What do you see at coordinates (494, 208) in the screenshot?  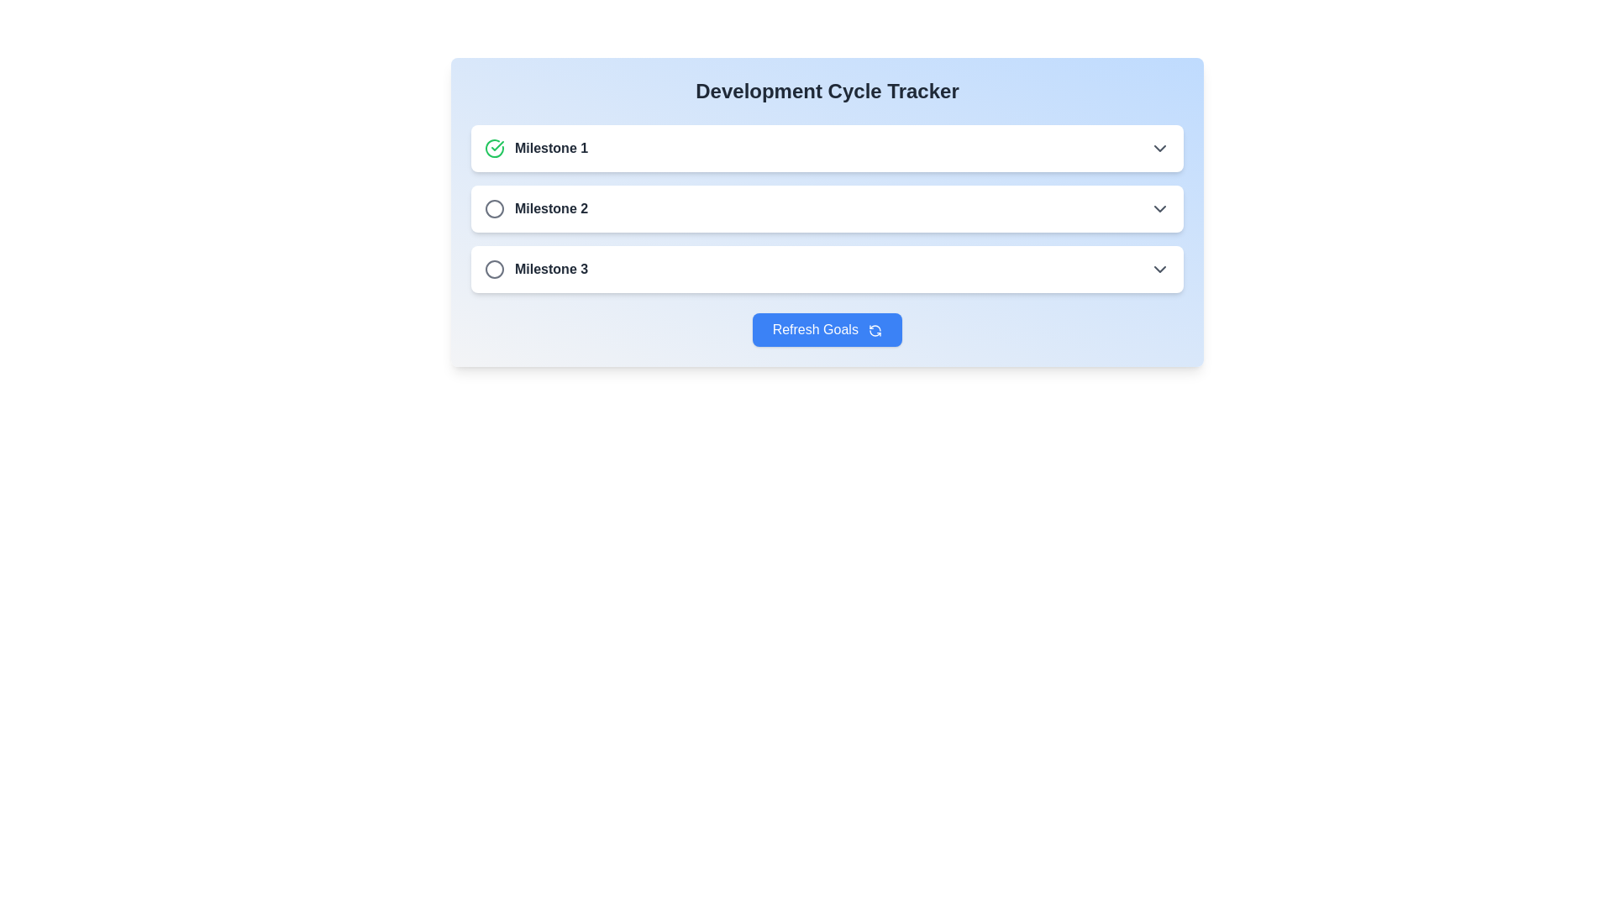 I see `the decorative icon representing 'Milestone 2', which is the second icon in a vertical list of milestone indicators, located beside the text label 'Milestone 2'` at bounding box center [494, 208].